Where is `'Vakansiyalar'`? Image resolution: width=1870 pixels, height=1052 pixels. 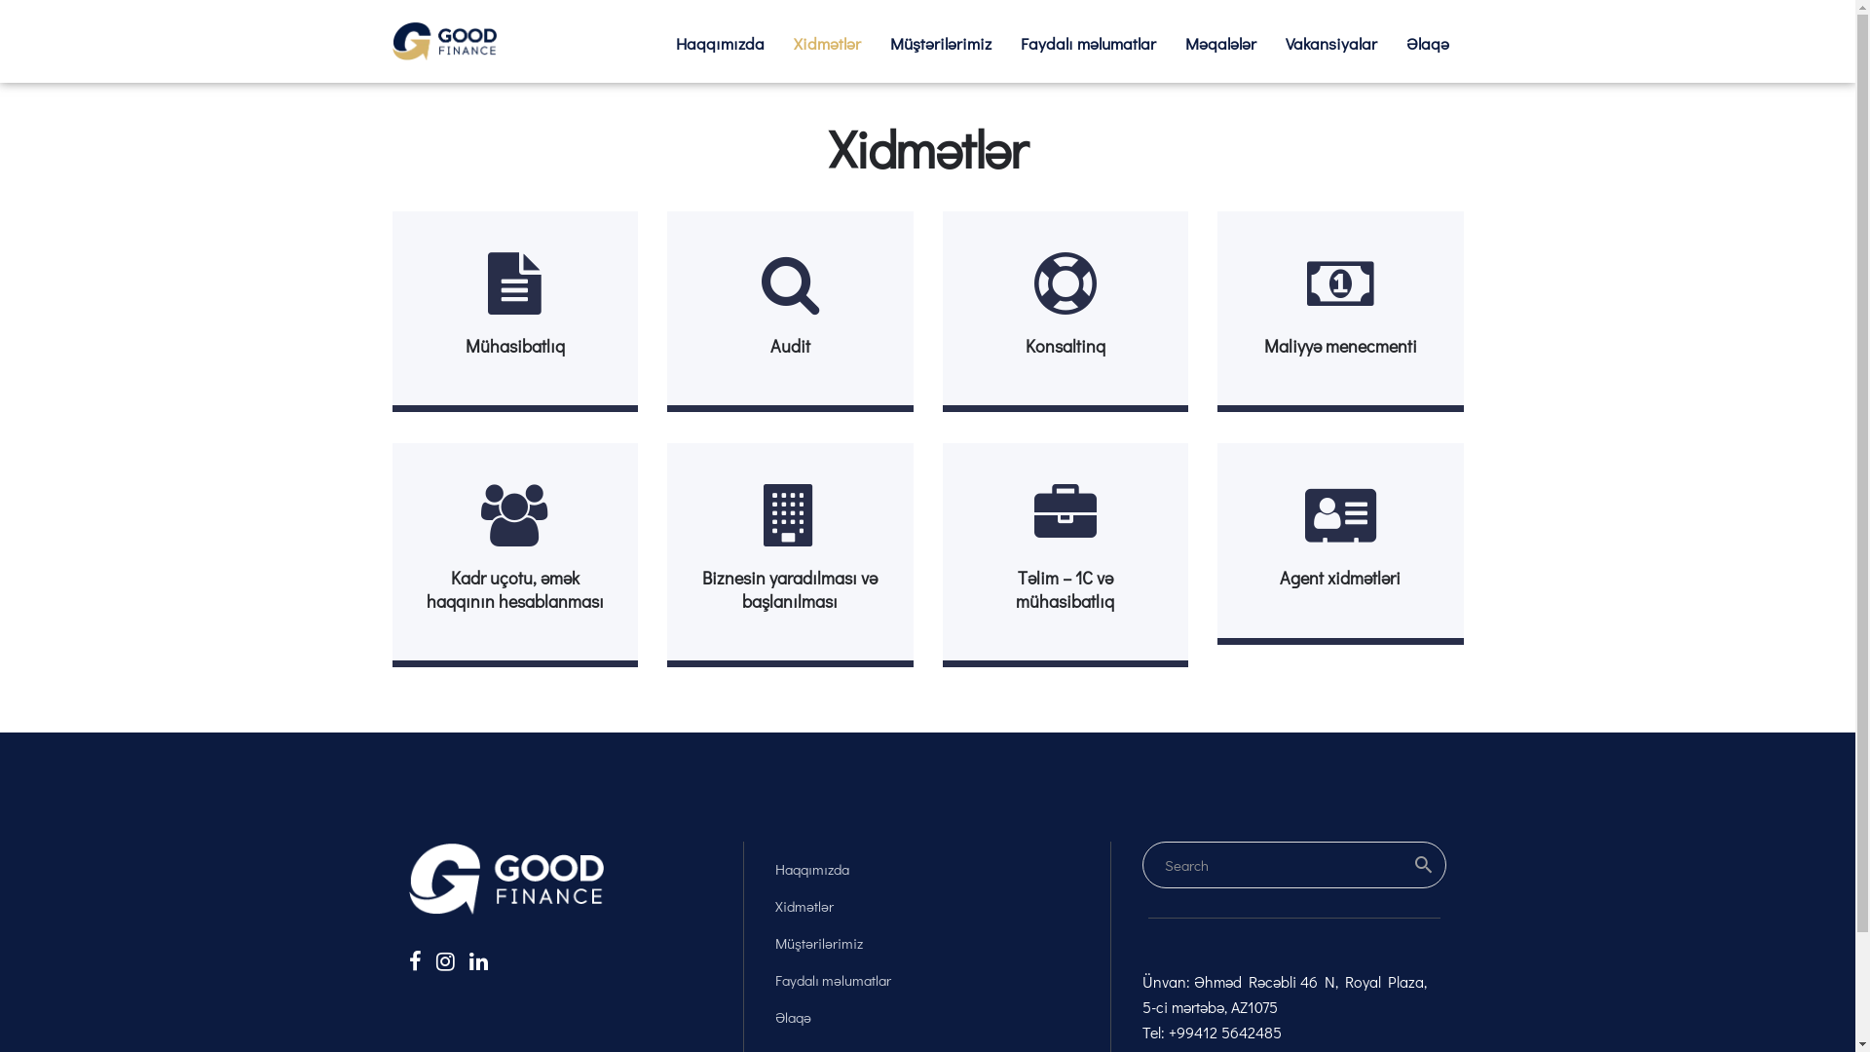
'Vakansiyalar' is located at coordinates (1329, 43).